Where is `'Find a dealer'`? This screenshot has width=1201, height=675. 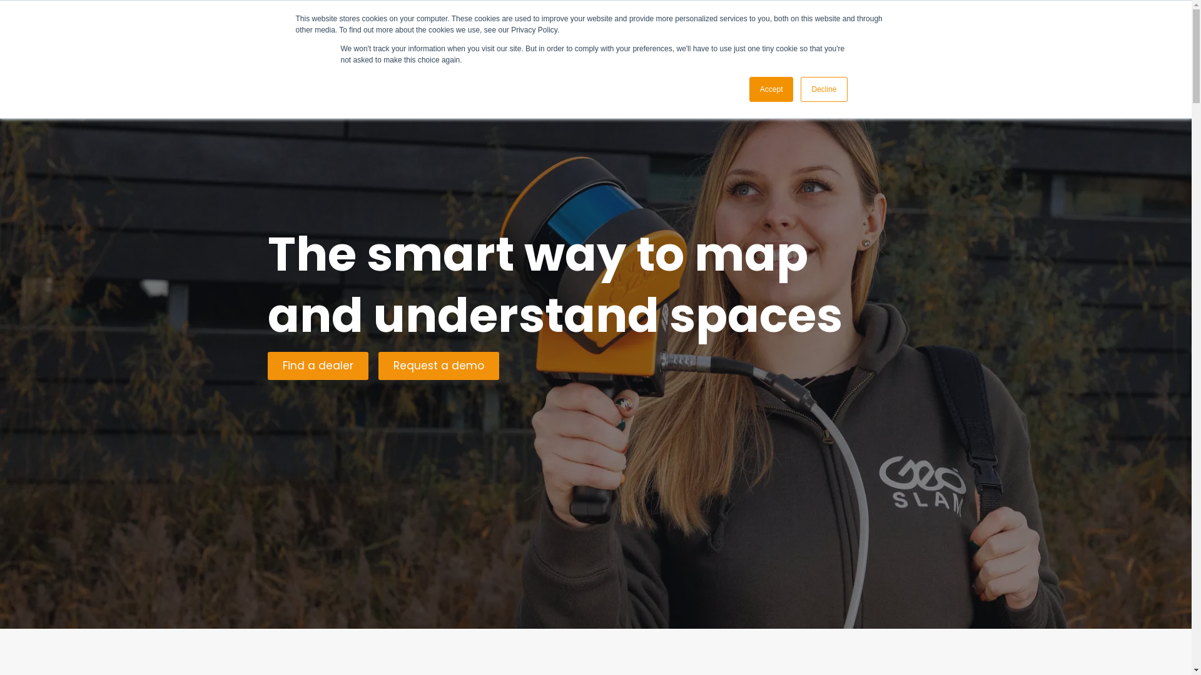 'Find a dealer' is located at coordinates (266, 366).